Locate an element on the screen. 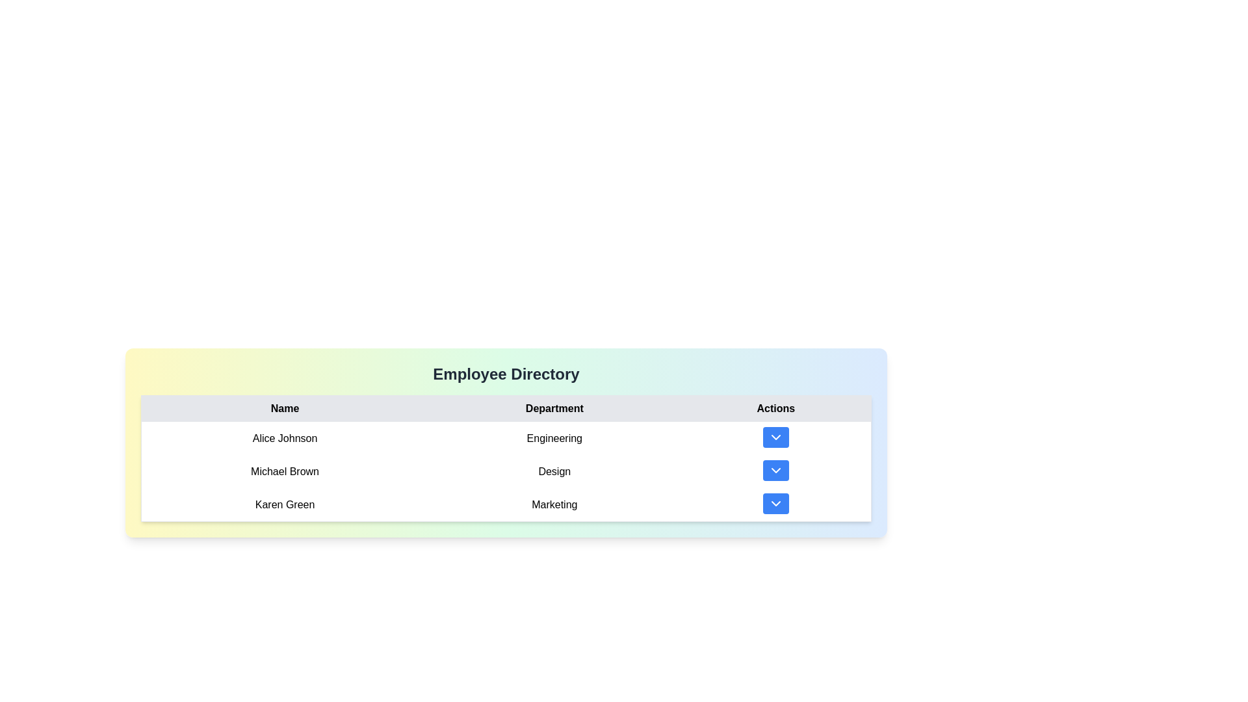  the dropdown button in the third row of the table under the 'Actions' column for 'Karen Green' is located at coordinates (776, 504).